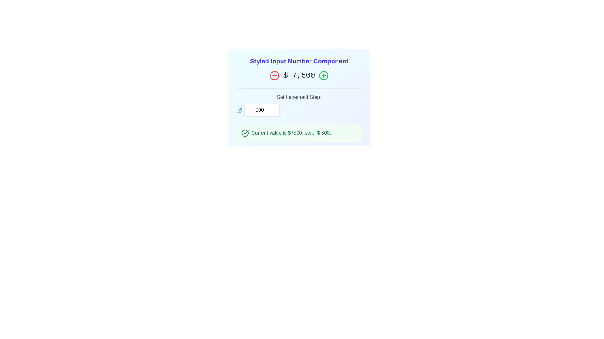 Image resolution: width=604 pixels, height=339 pixels. What do you see at coordinates (274, 75) in the screenshot?
I see `the circular decrement button element located to the left of the numeric value display ($7,500)` at bounding box center [274, 75].